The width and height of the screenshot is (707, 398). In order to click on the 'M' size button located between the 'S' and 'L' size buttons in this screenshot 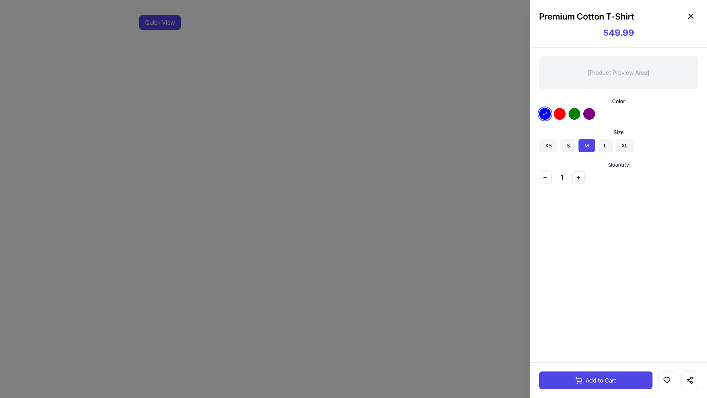, I will do `click(586, 145)`.